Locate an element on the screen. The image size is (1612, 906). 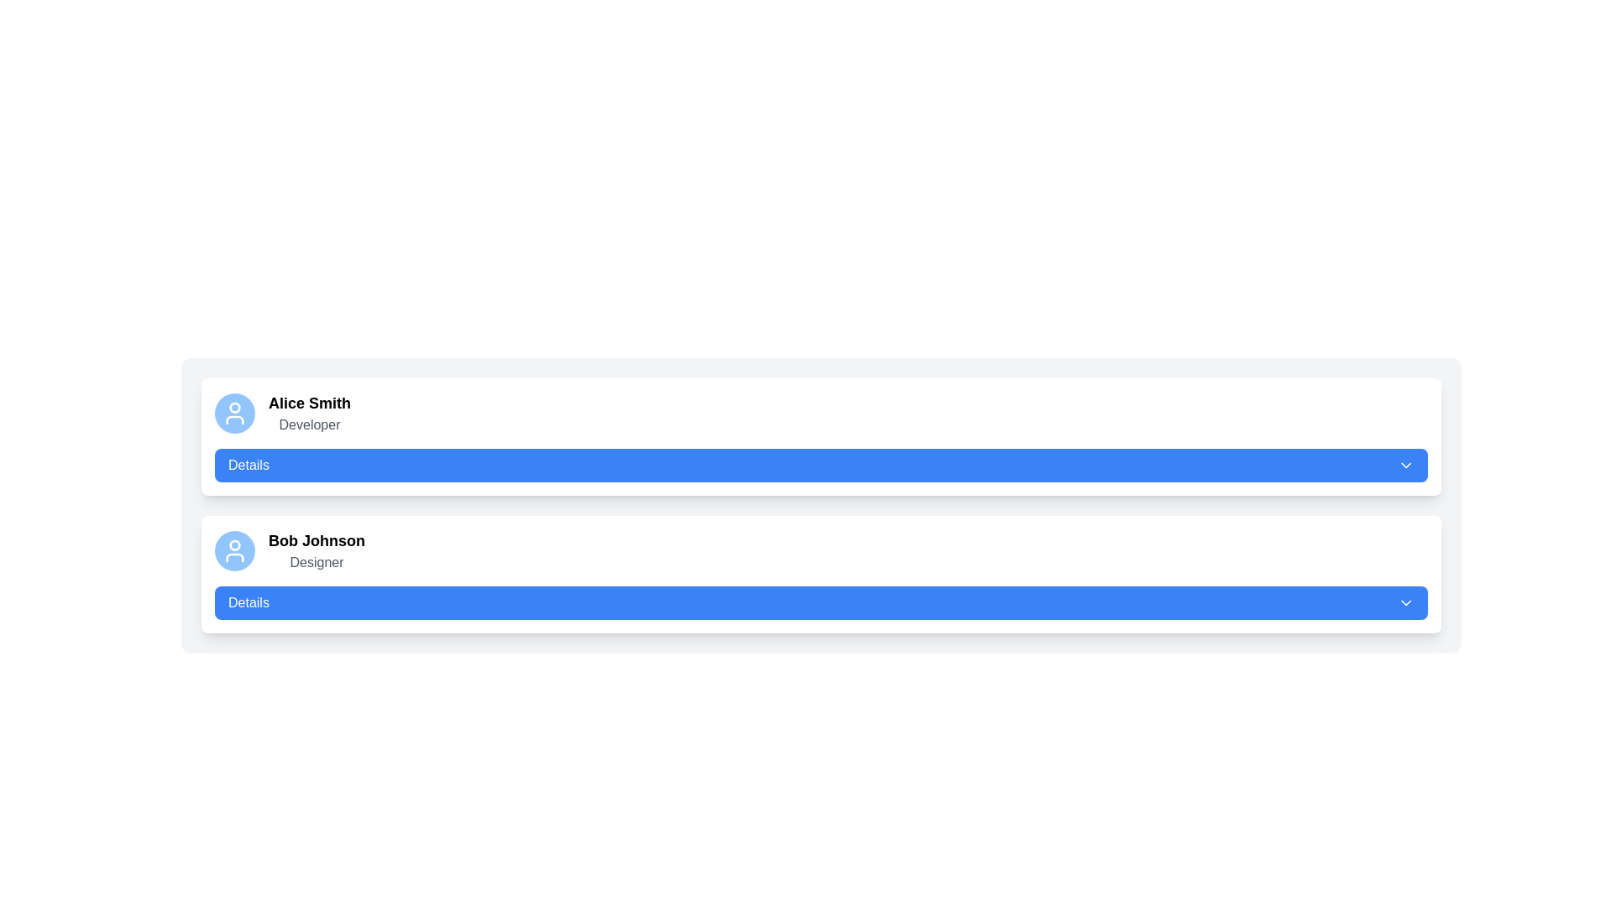
the downward-pointing chevron icon located in the top-right corner of the 'Details' button for 'Alice Smith, Developer' is located at coordinates (1406, 466).